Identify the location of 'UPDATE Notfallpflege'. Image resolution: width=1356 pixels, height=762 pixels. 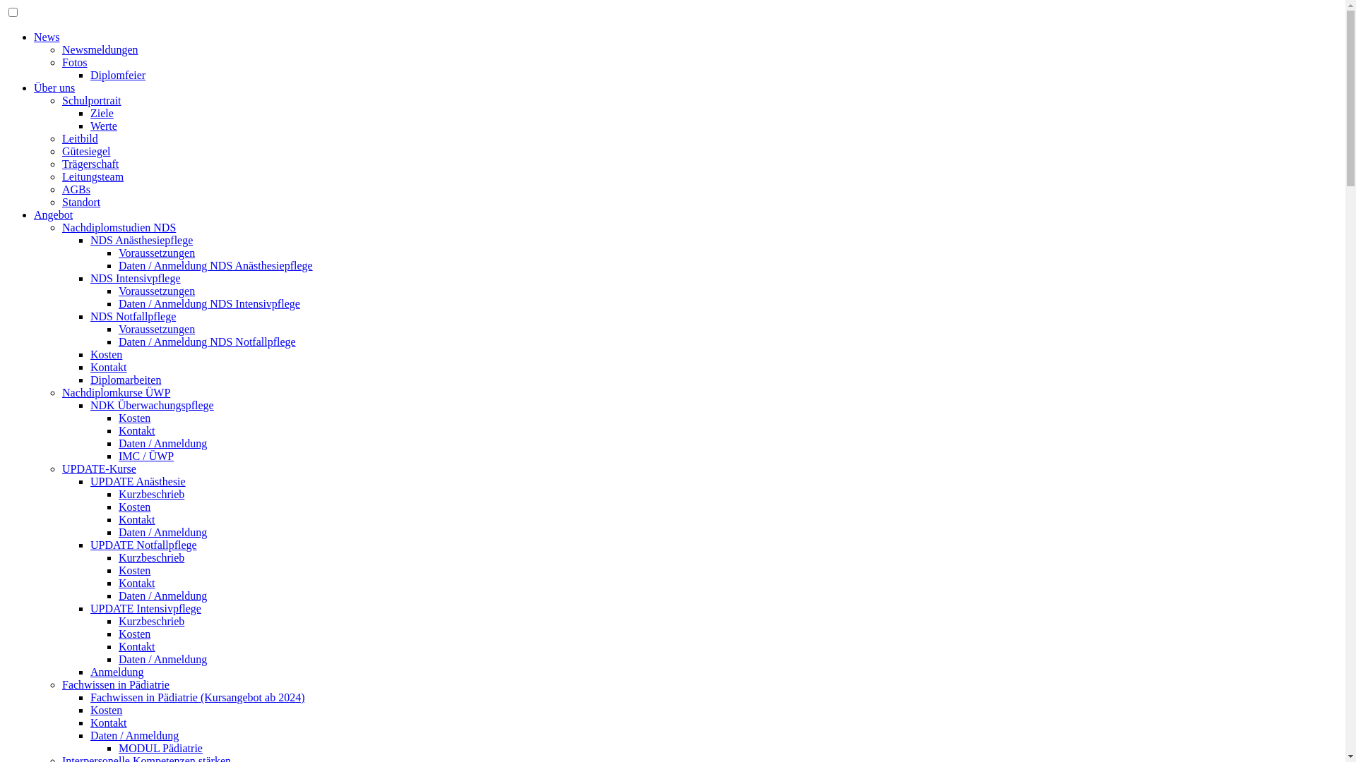
(143, 544).